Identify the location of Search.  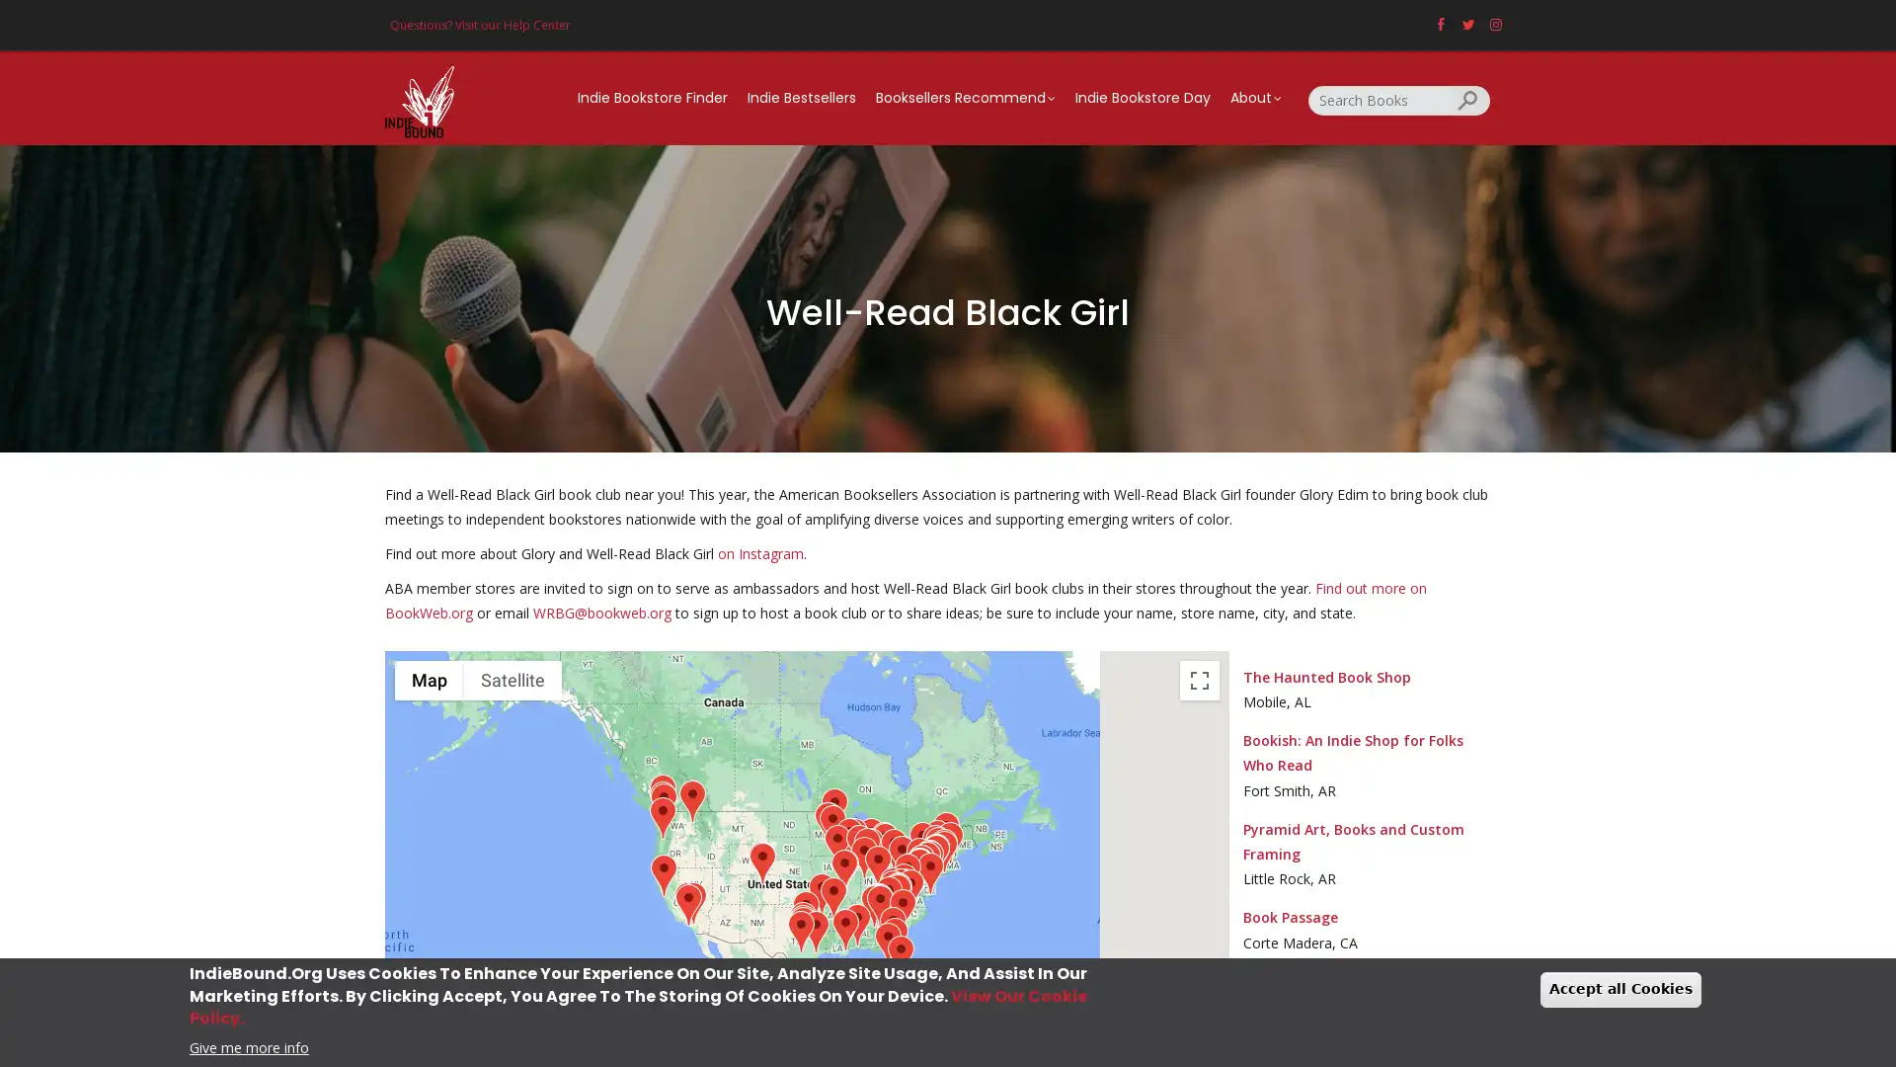
(1469, 99).